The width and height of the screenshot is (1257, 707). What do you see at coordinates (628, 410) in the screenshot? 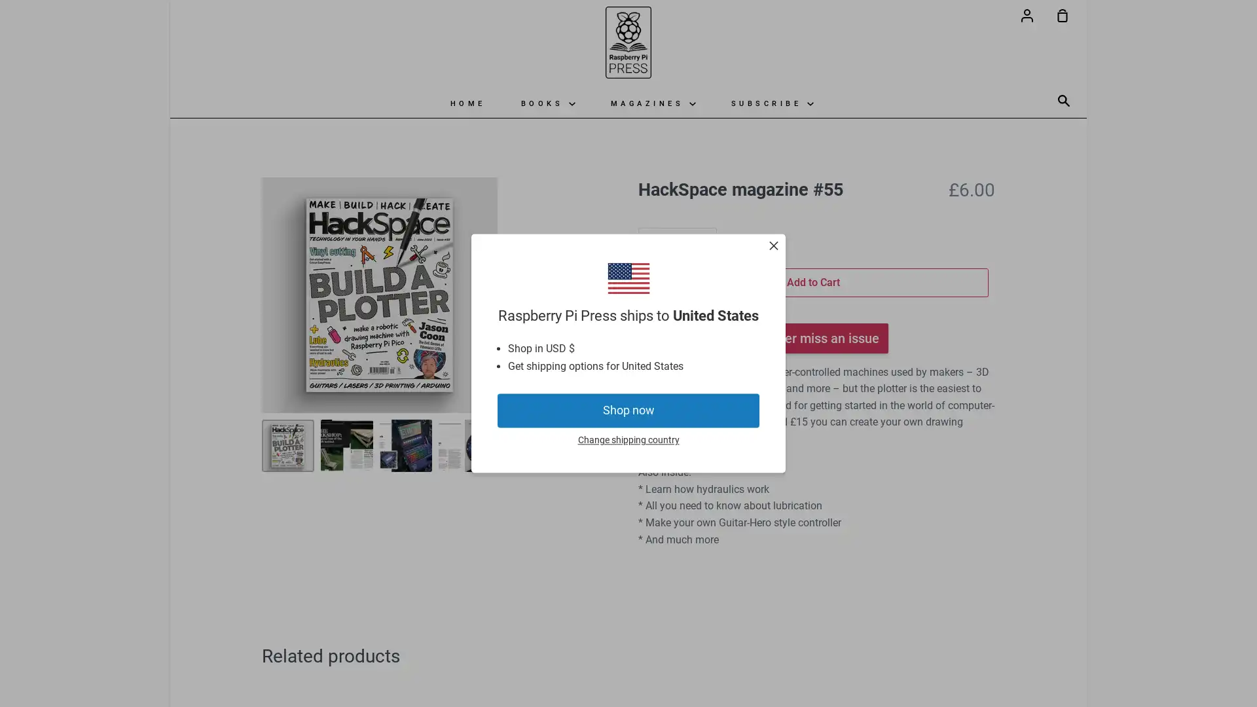
I see `Shop now` at bounding box center [628, 410].